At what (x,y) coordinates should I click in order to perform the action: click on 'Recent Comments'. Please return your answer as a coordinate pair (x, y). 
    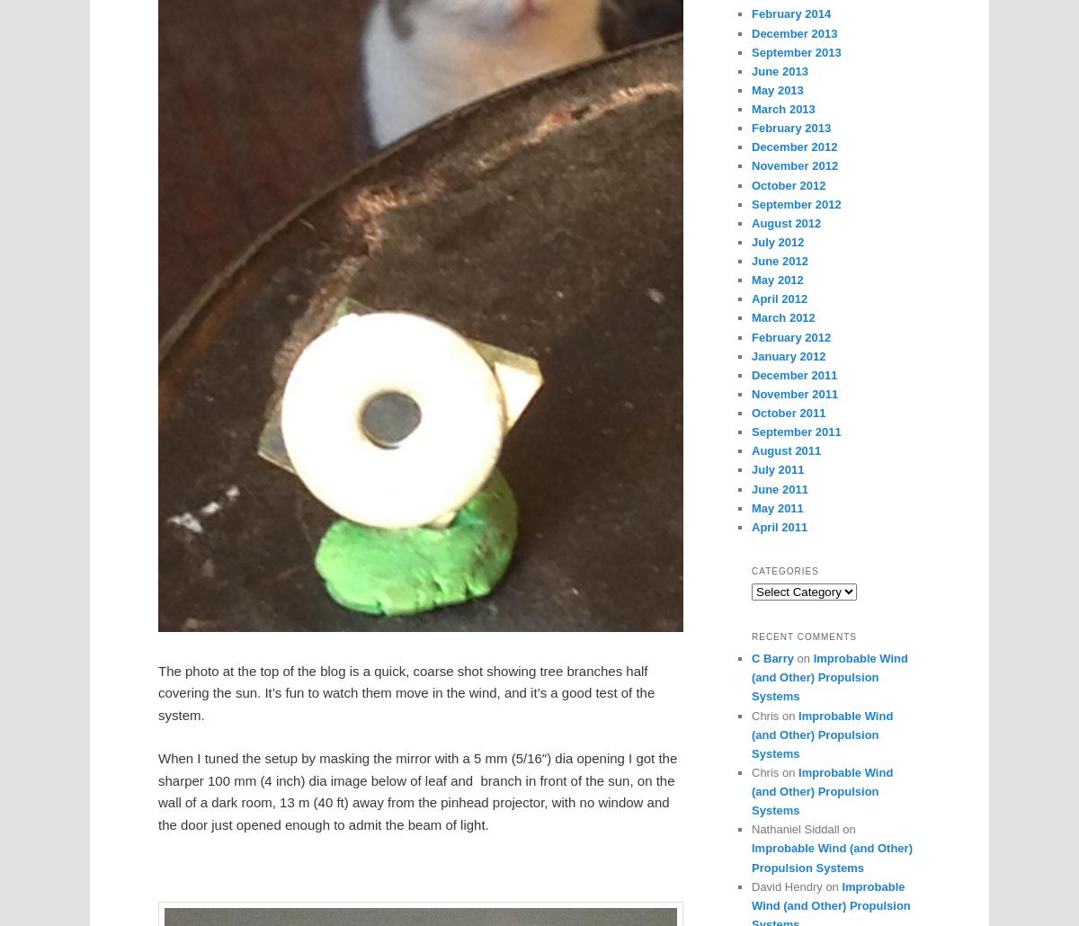
    Looking at the image, I should click on (751, 637).